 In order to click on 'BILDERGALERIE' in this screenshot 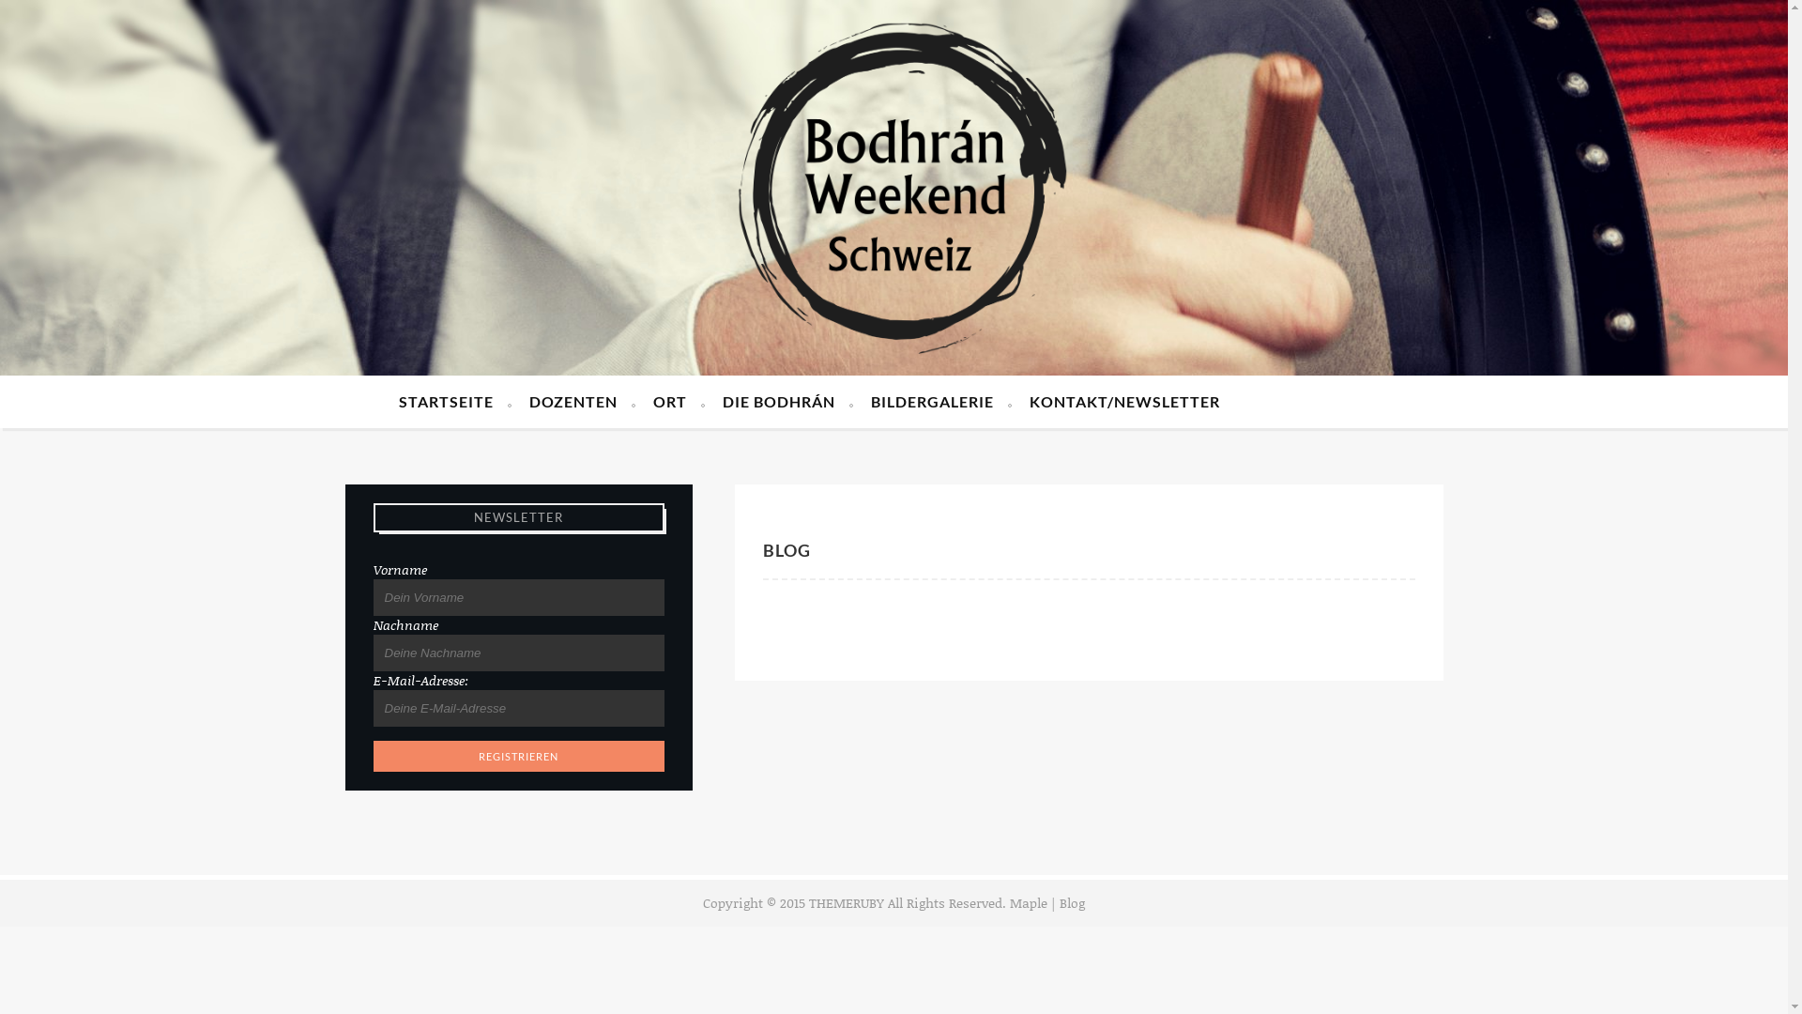, I will do `click(941, 401)`.